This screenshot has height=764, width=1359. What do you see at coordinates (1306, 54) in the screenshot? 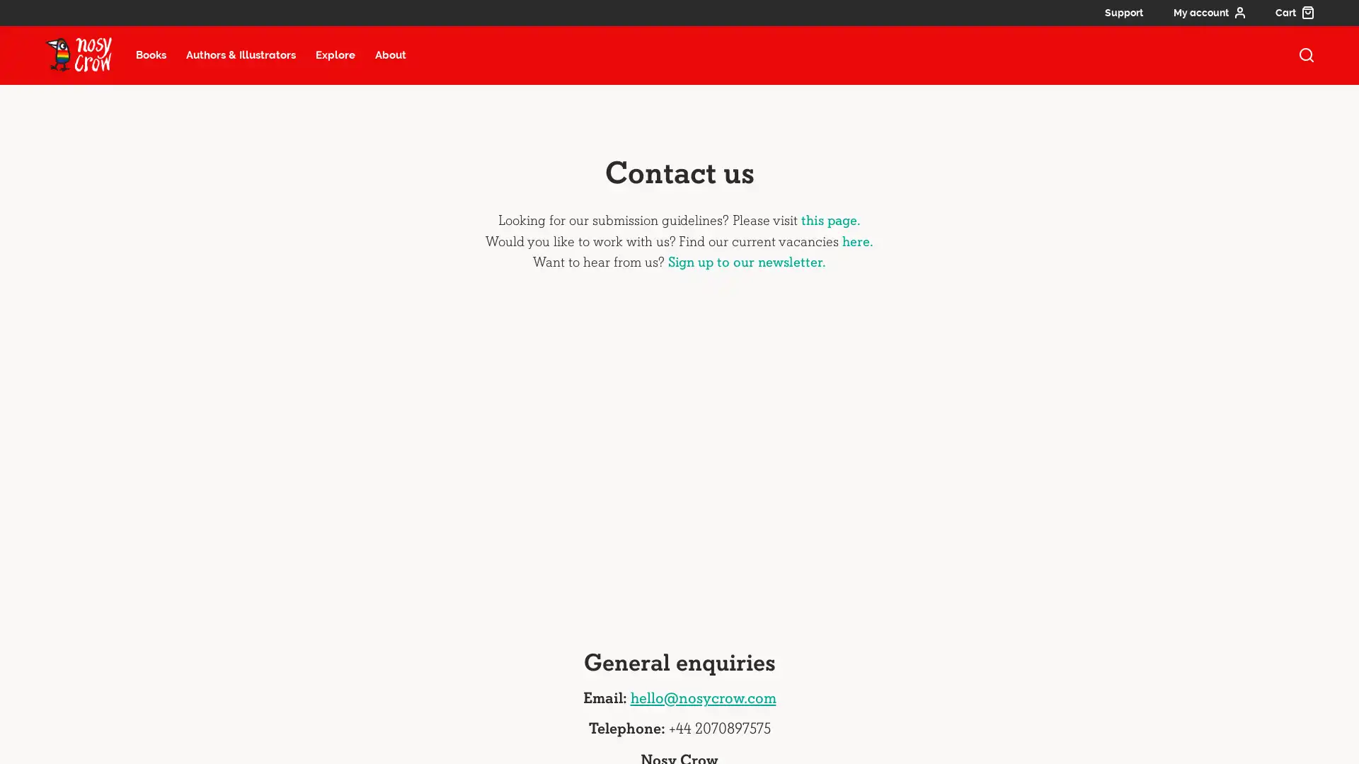
I see `open search` at bounding box center [1306, 54].